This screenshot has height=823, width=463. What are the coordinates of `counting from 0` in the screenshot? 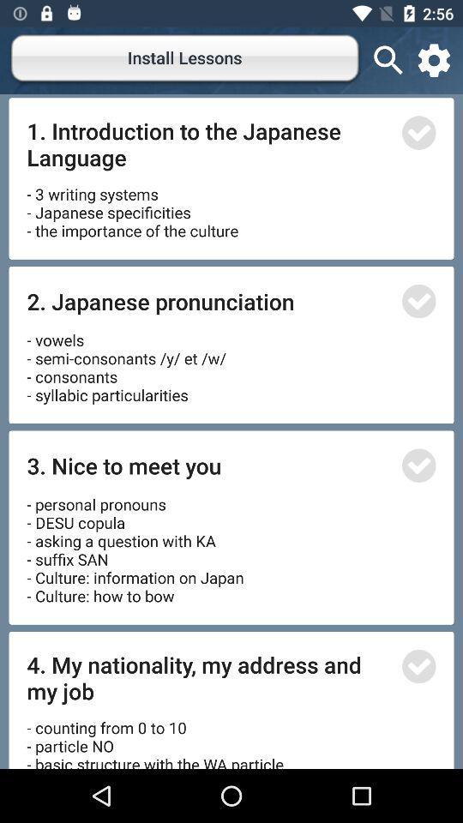 It's located at (158, 736).